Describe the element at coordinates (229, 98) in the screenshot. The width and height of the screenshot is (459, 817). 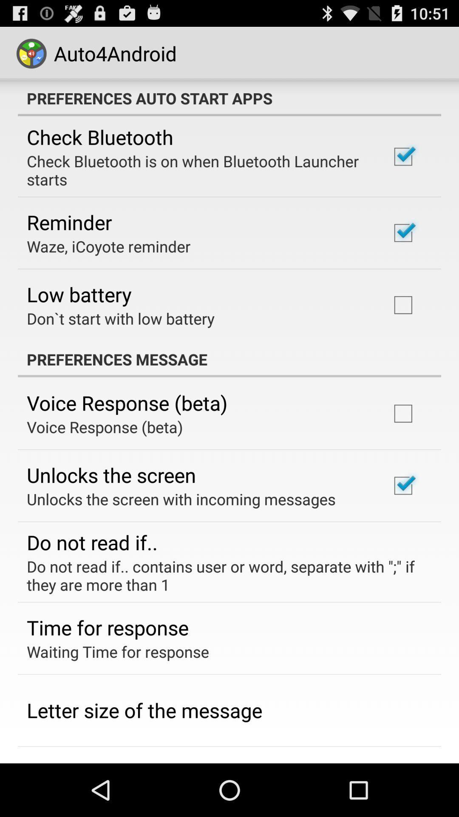
I see `preferences auto start item` at that location.